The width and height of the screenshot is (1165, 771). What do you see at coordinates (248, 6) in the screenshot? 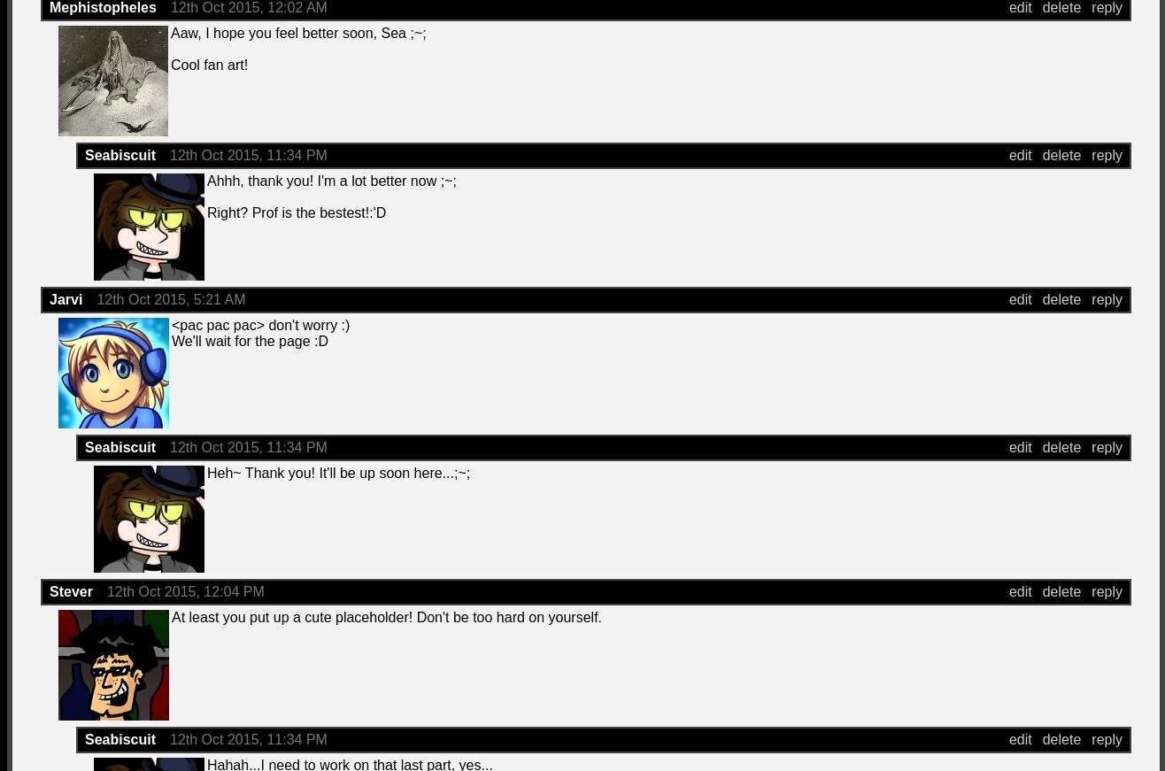
I see `'12th Oct 2015, 12:02 AM'` at bounding box center [248, 6].